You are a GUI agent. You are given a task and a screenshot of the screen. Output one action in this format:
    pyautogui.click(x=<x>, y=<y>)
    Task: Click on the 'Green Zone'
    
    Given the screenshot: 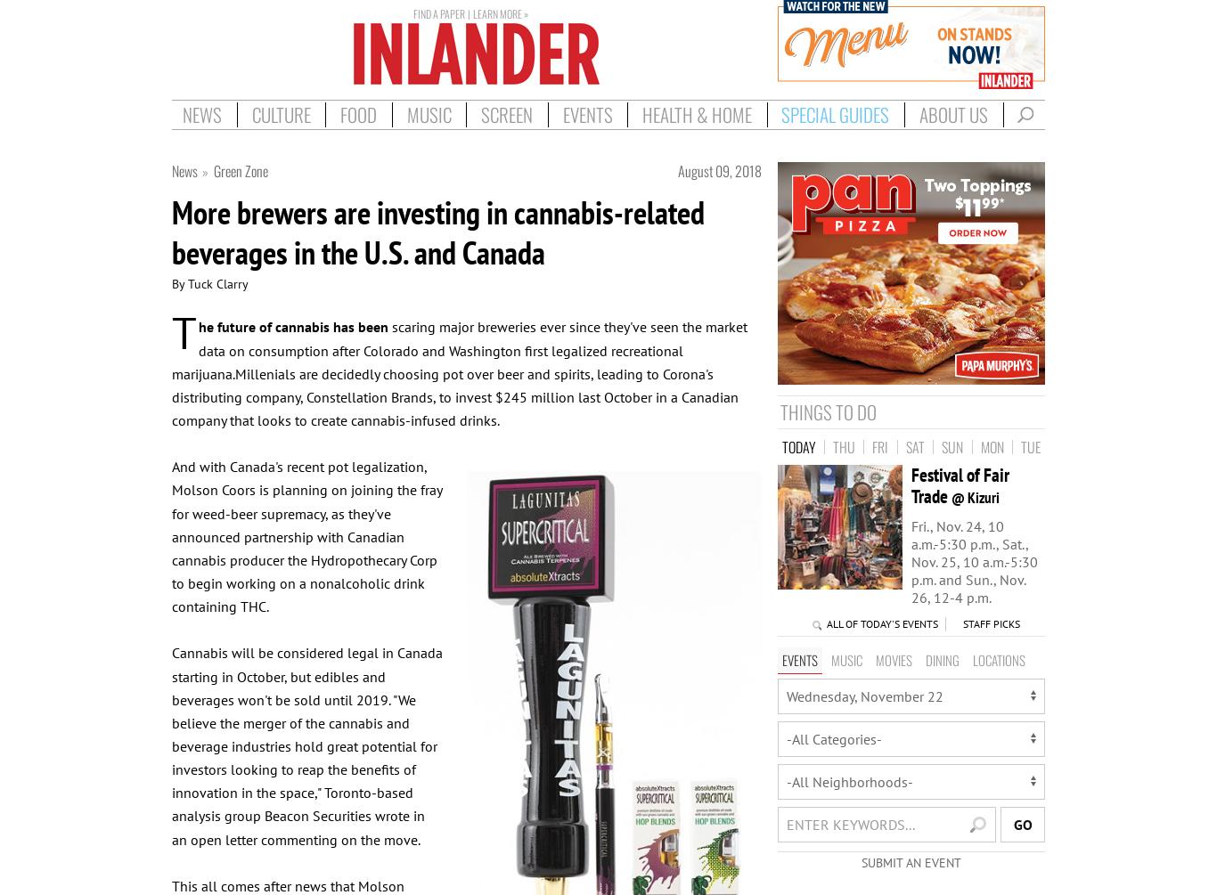 What is the action you would take?
    pyautogui.click(x=214, y=169)
    